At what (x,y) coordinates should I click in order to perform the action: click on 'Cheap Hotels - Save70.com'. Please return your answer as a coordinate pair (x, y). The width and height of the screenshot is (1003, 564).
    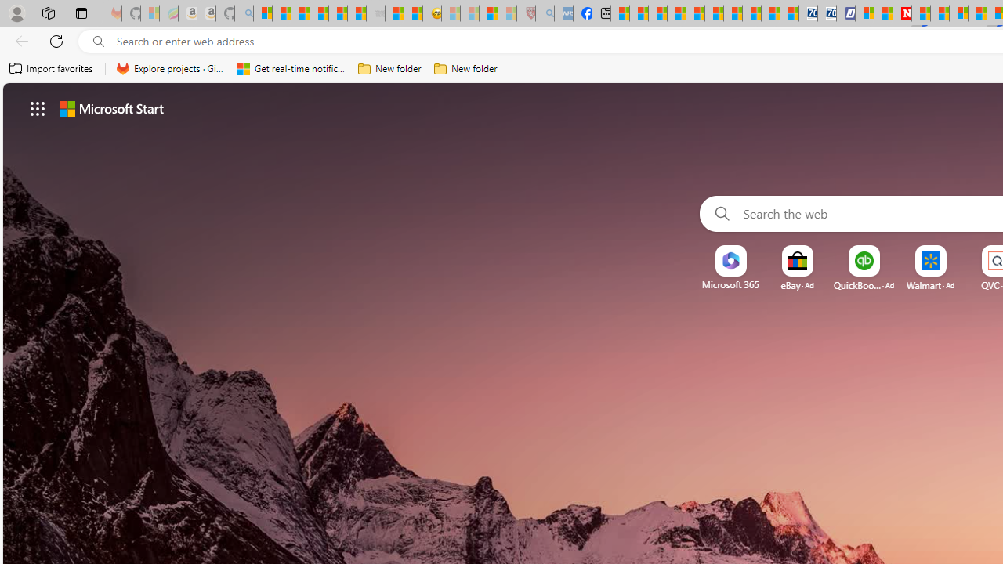
    Looking at the image, I should click on (827, 13).